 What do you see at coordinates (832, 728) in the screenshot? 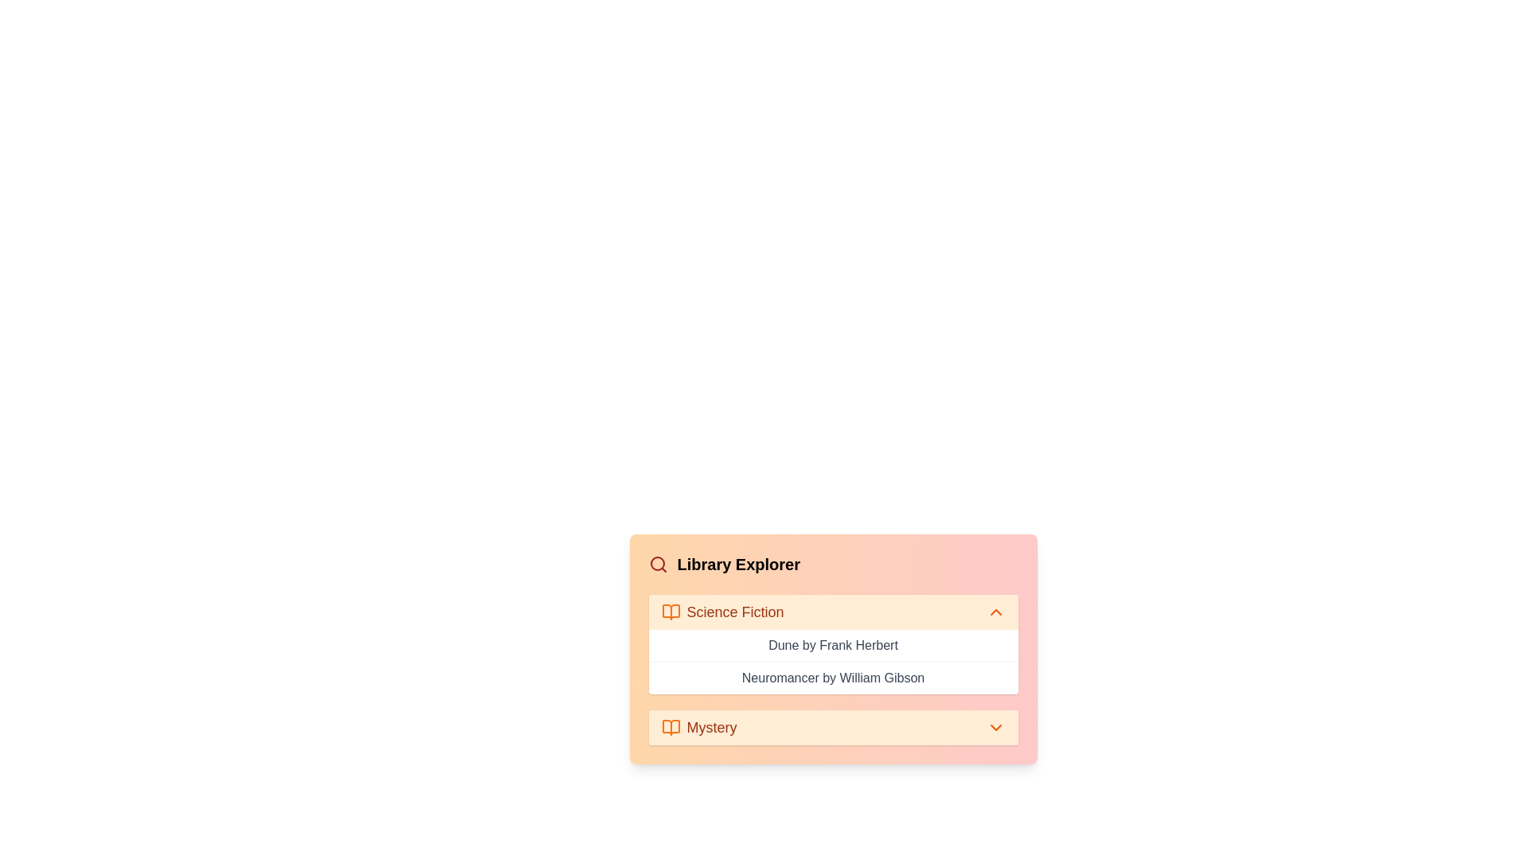
I see `the 'Mystery' category header to expand it and view its list of books` at bounding box center [832, 728].